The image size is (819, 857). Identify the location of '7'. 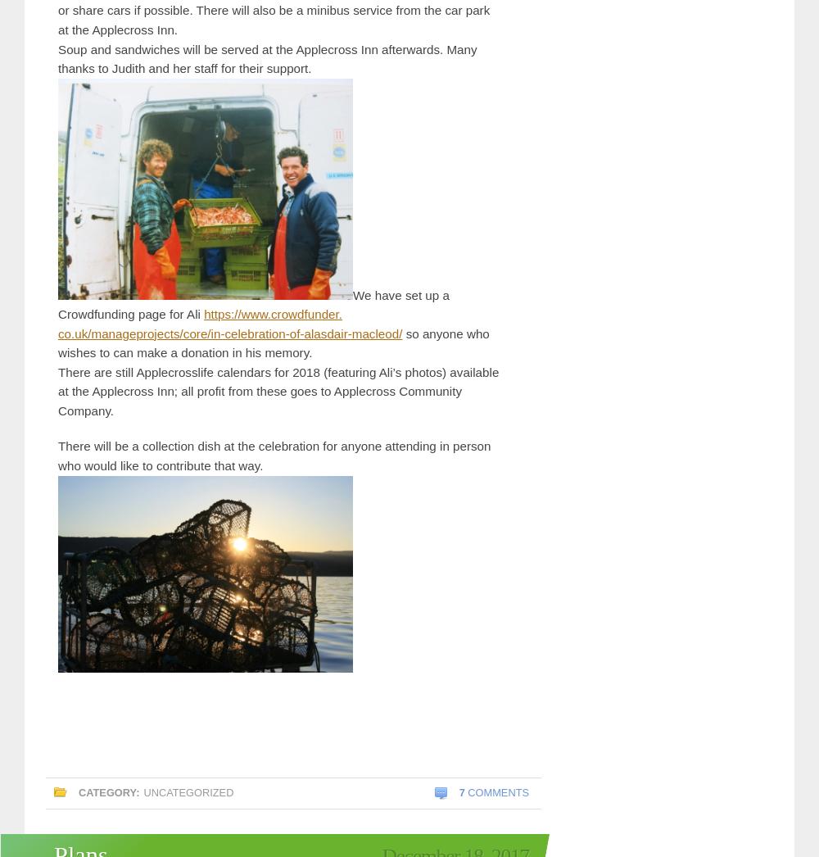
(460, 791).